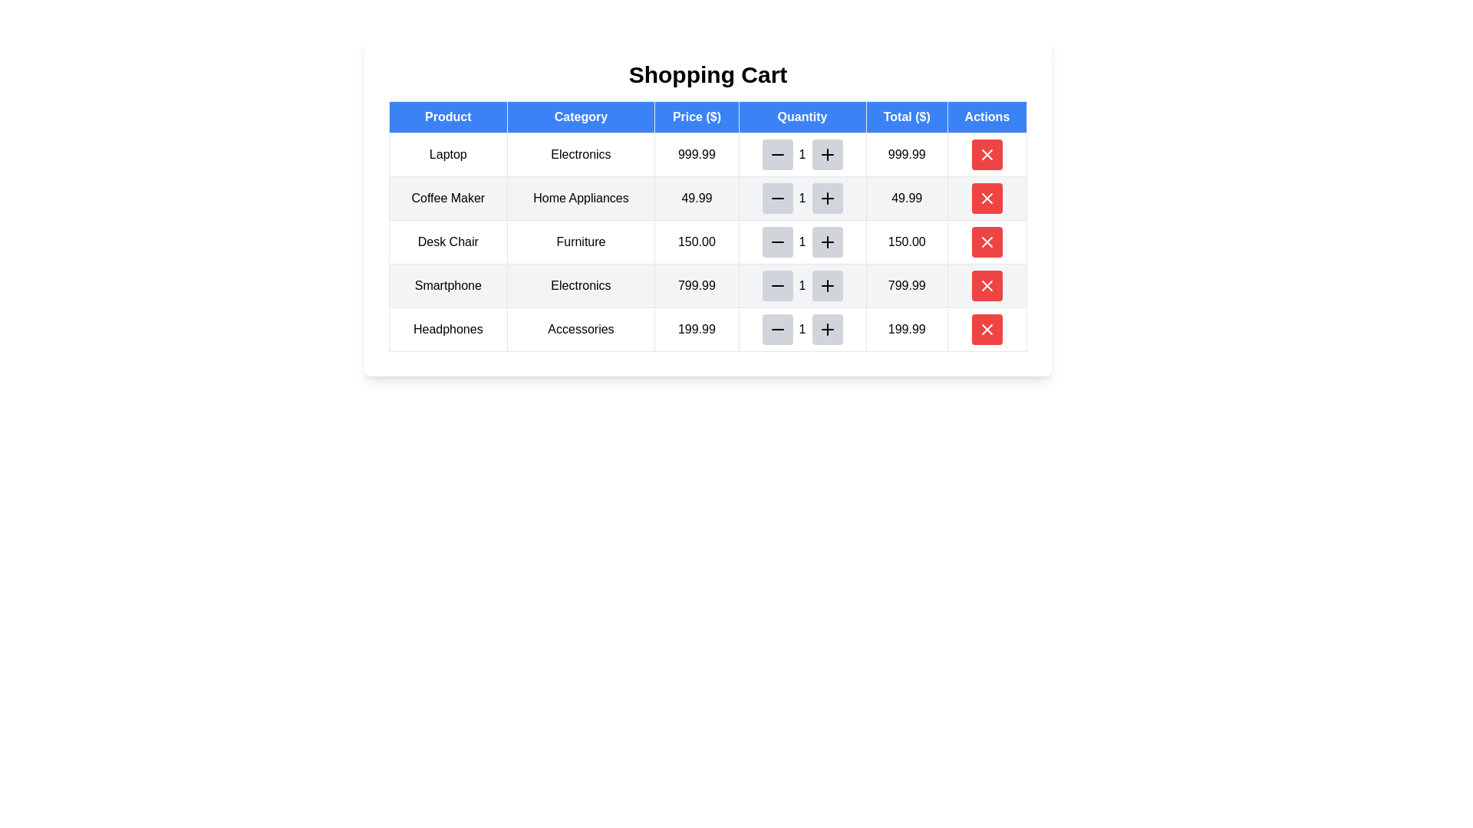 The image size is (1473, 828). I want to click on the gray rectangular button with rounded corners containing a black horizontal minus icon, located in the 'Quantity' column for the 'Headphones' product, to decrease the quantity, so click(777, 328).